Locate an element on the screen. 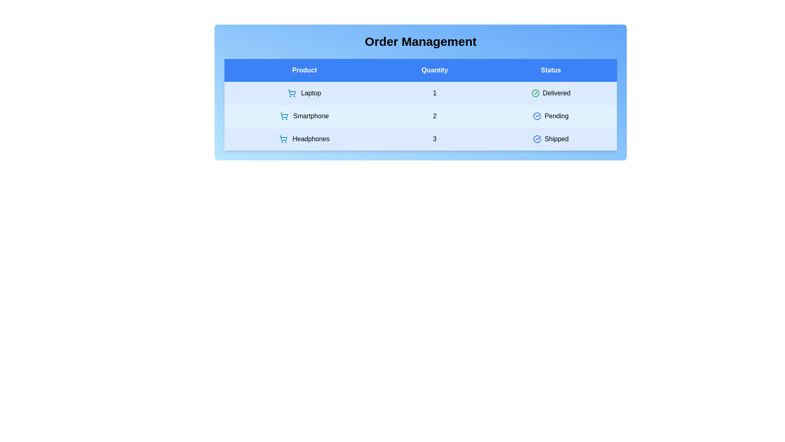  the status icon for the product Laptop to view its details is located at coordinates (535, 92).